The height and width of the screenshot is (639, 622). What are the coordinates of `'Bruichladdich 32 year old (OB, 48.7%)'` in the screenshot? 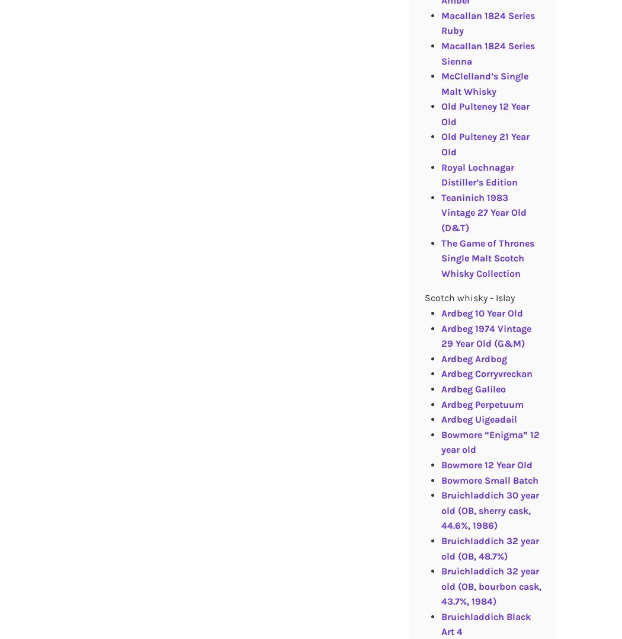 It's located at (440, 548).